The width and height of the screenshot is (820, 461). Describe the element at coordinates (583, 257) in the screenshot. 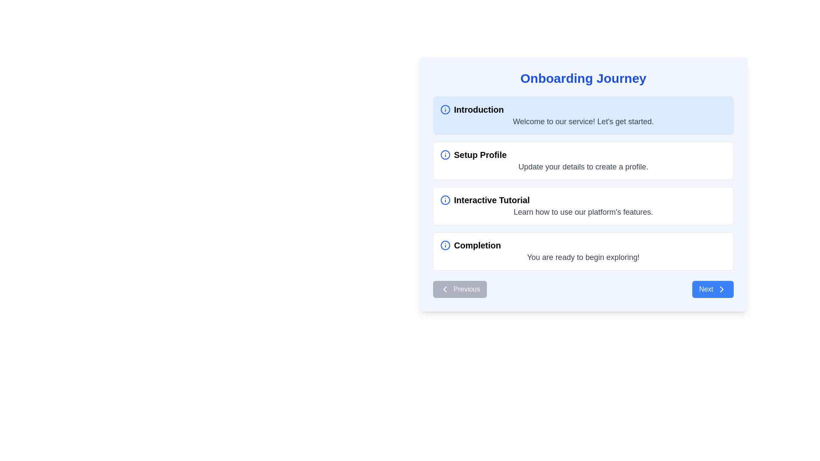

I see `the text label that displays 'You are ready to begin exploring!' which is styled with a gray color and large font, located at the bottom of the 'Completion' card in the onboarding steps` at that location.